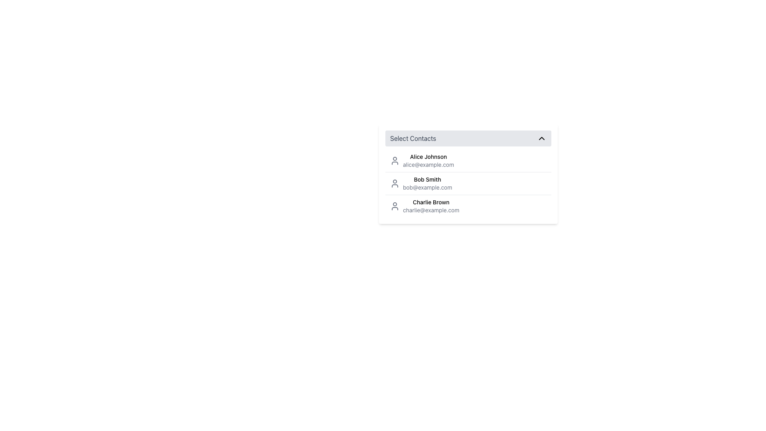  I want to click on the second list item displaying contact information for 'Bob Smith', so click(468, 183).